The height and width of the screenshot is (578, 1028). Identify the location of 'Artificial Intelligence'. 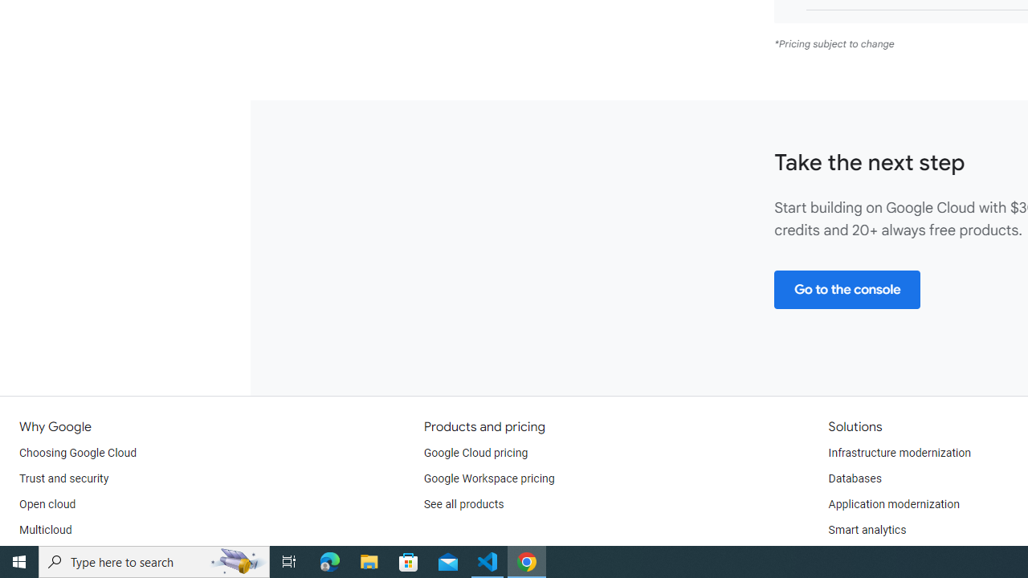
(878, 555).